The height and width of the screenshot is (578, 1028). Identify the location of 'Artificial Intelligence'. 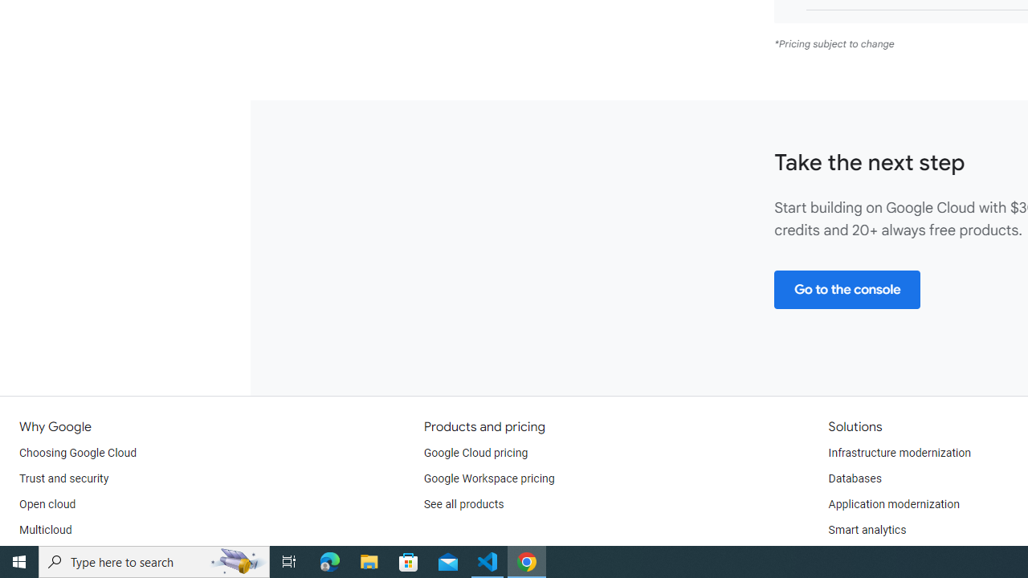
(878, 555).